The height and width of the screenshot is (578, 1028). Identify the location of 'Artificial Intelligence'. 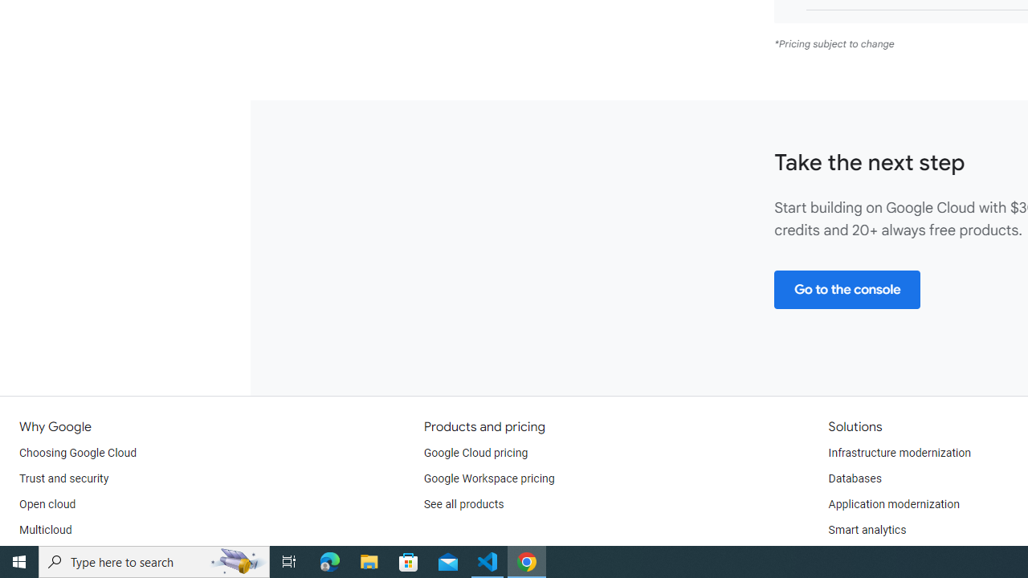
(878, 555).